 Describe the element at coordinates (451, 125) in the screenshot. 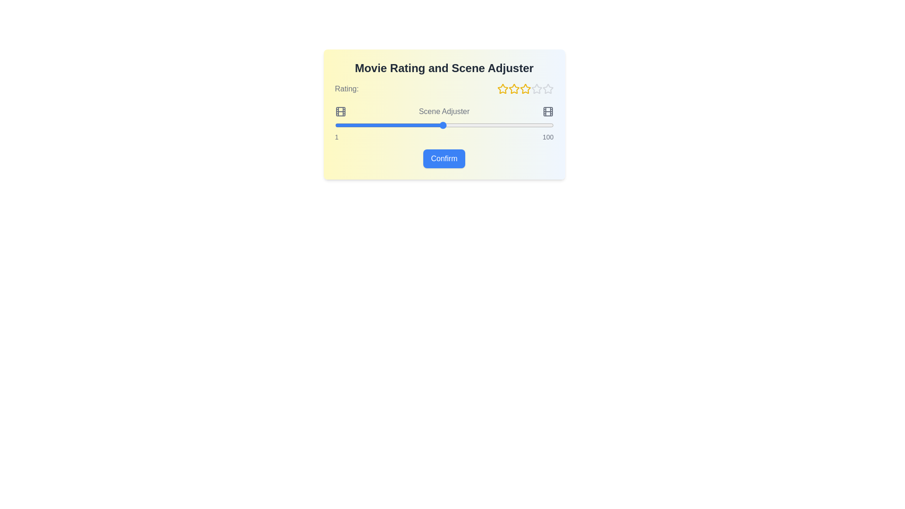

I see `the scene slider to 54` at that location.